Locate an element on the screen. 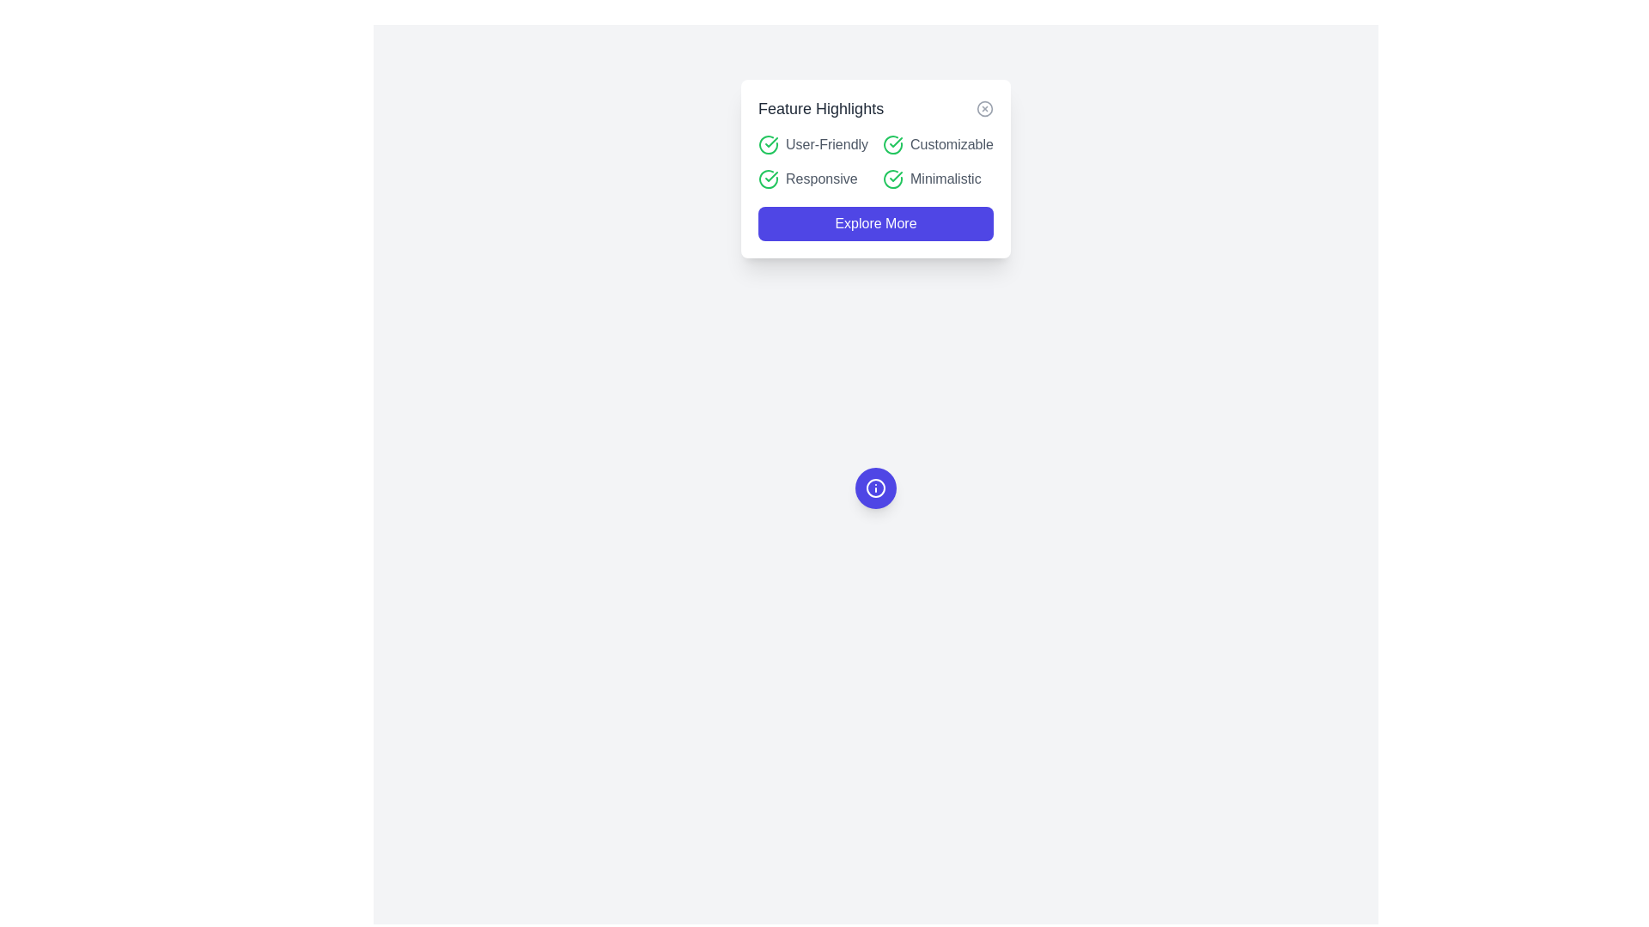 Image resolution: width=1649 pixels, height=927 pixels. text label that contains 'Minimalistic', which is styled in gray and located next to a green checkmark icon in the feature highlights section is located at coordinates (945, 179).